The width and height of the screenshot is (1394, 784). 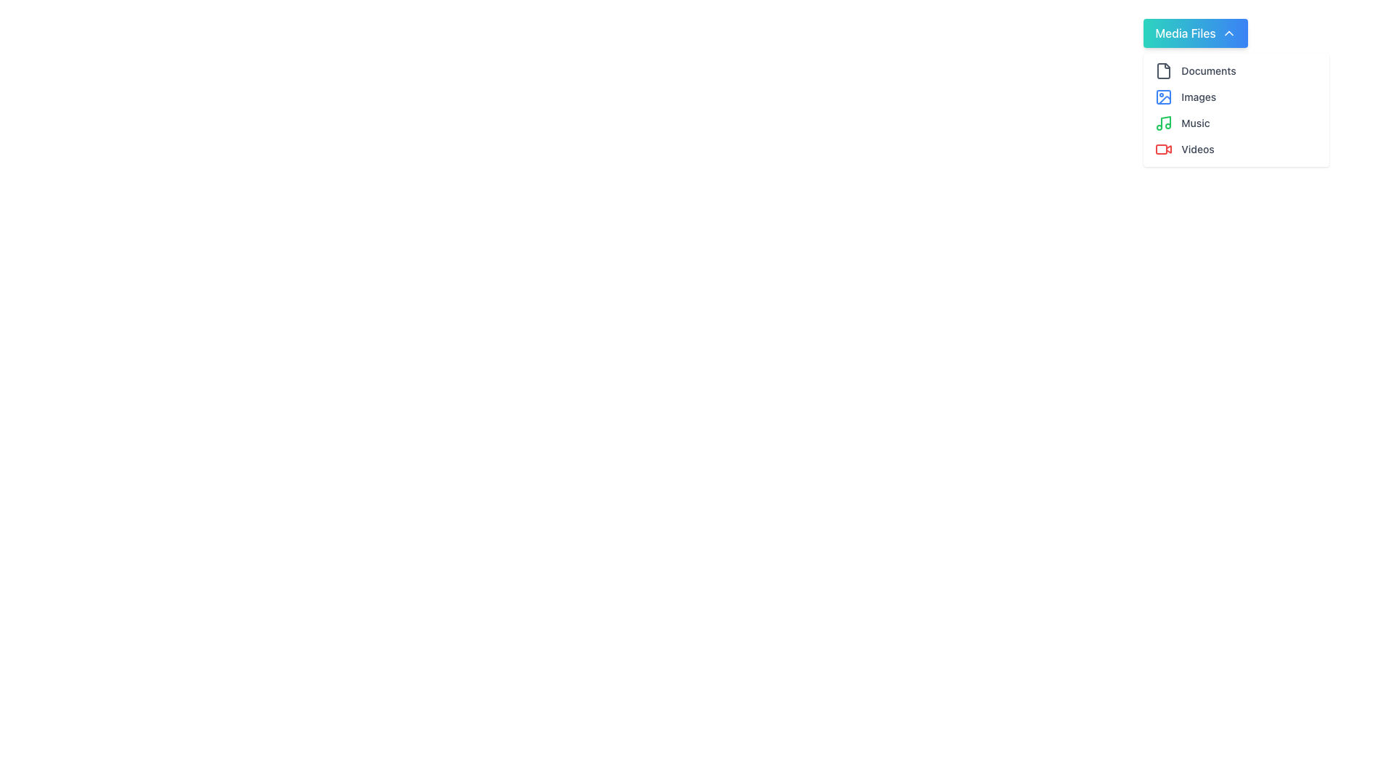 I want to click on the red camera icon in the dropdown menu next to the 'Videos' label, so click(x=1164, y=149).